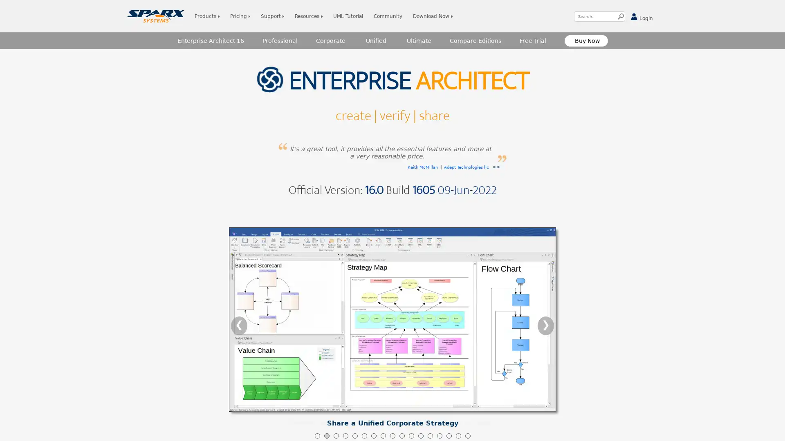 The width and height of the screenshot is (785, 441). I want to click on Search, so click(621, 16).